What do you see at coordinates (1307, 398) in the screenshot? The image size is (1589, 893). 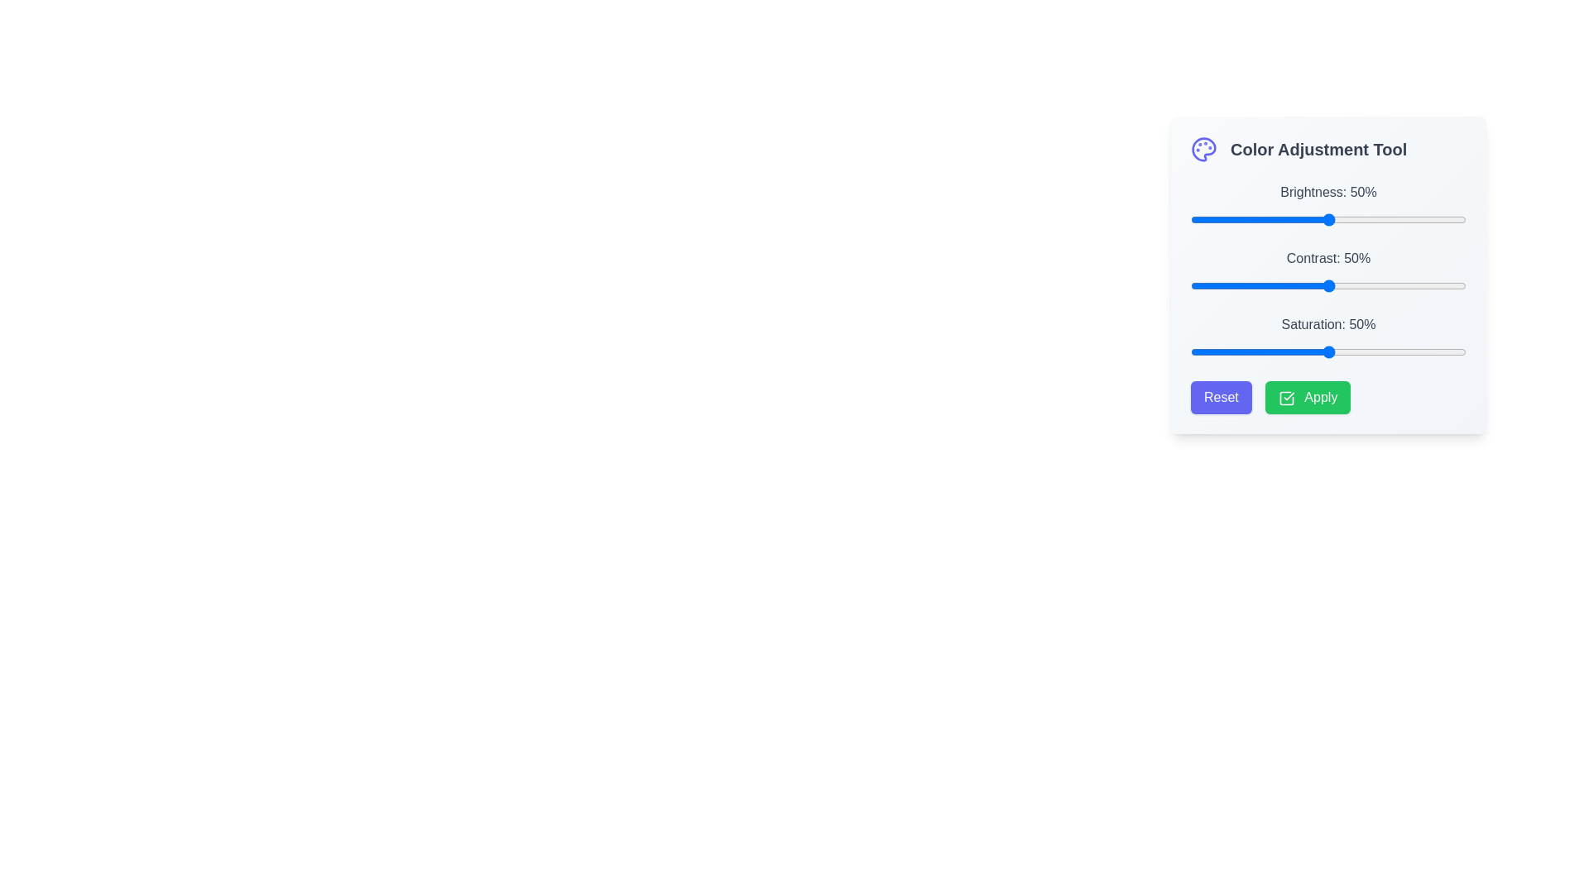 I see `the 'Apply' button, which is the second button in the Color Adjustment Tool interface, positioned to the right of the 'Reset' button, to confirm and apply the adjustments made by the user` at bounding box center [1307, 398].